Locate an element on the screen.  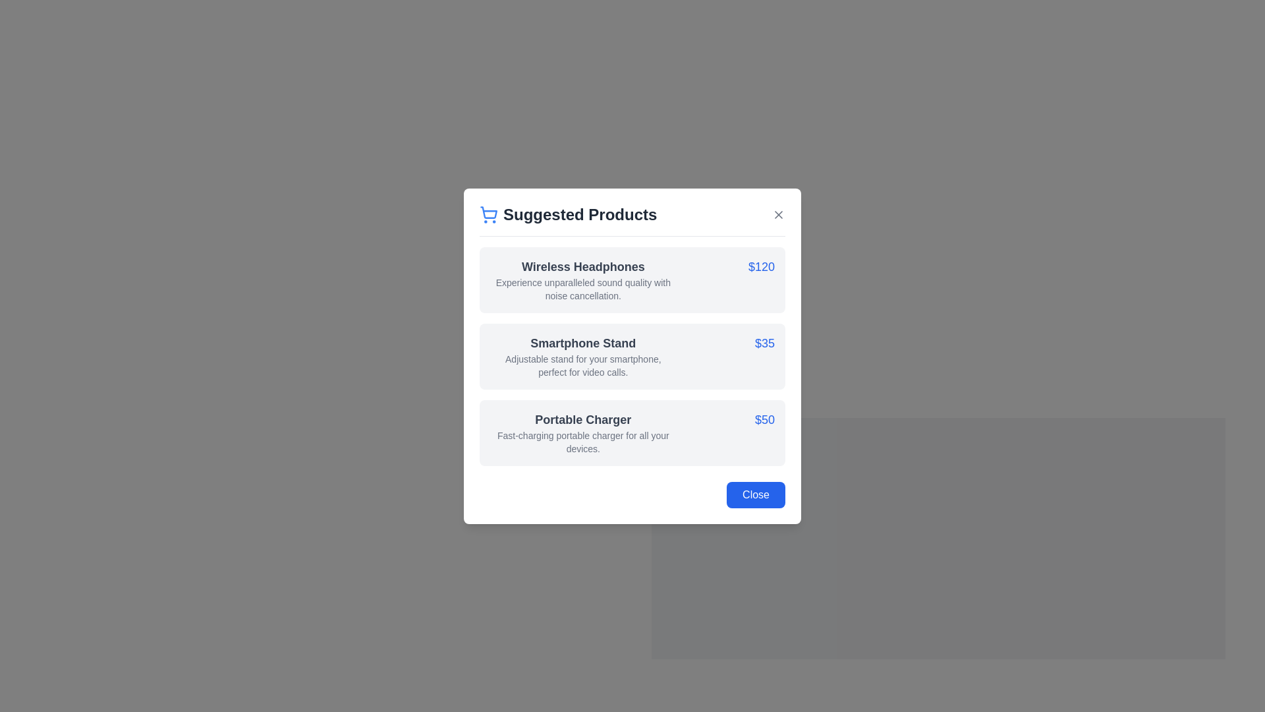
the 'Suggested Products' text element with a shopping cart icon on the left, which is bold and larger than surrounding text, styled in dark gray and positioned at the top-left section of the modal window is located at coordinates (568, 214).